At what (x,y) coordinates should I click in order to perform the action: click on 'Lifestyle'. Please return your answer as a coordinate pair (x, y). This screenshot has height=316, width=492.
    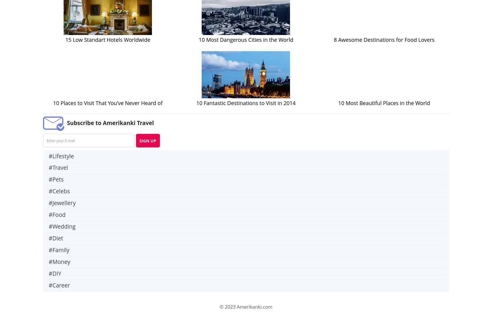
    Looking at the image, I should click on (63, 156).